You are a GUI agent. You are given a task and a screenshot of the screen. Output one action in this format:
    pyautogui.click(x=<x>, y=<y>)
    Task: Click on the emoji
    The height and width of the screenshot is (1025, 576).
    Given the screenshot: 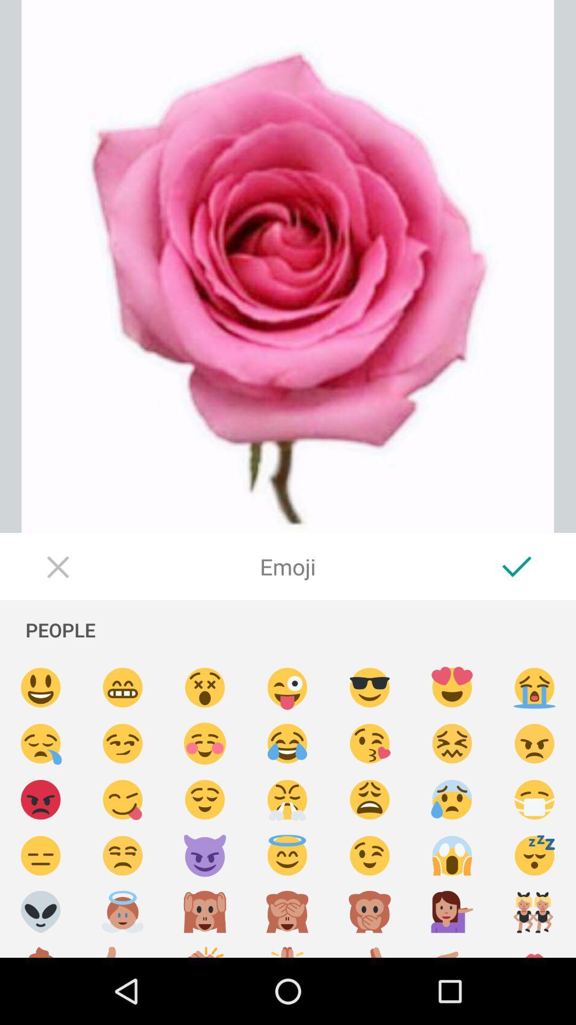 What is the action you would take?
    pyautogui.click(x=287, y=800)
    